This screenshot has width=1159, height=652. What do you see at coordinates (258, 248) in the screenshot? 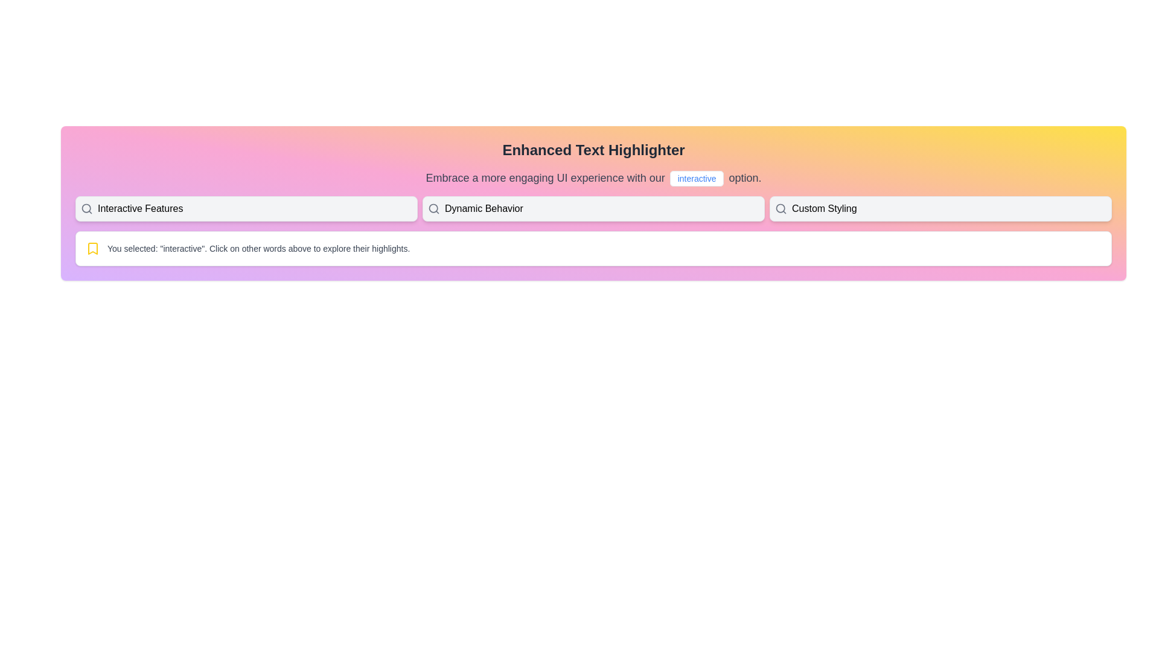
I see `feedback text block that informs the user about their current selection and offers guidance for further interaction, which is located below a set of selectable options and next to a small yellow bookmark icon` at bounding box center [258, 248].